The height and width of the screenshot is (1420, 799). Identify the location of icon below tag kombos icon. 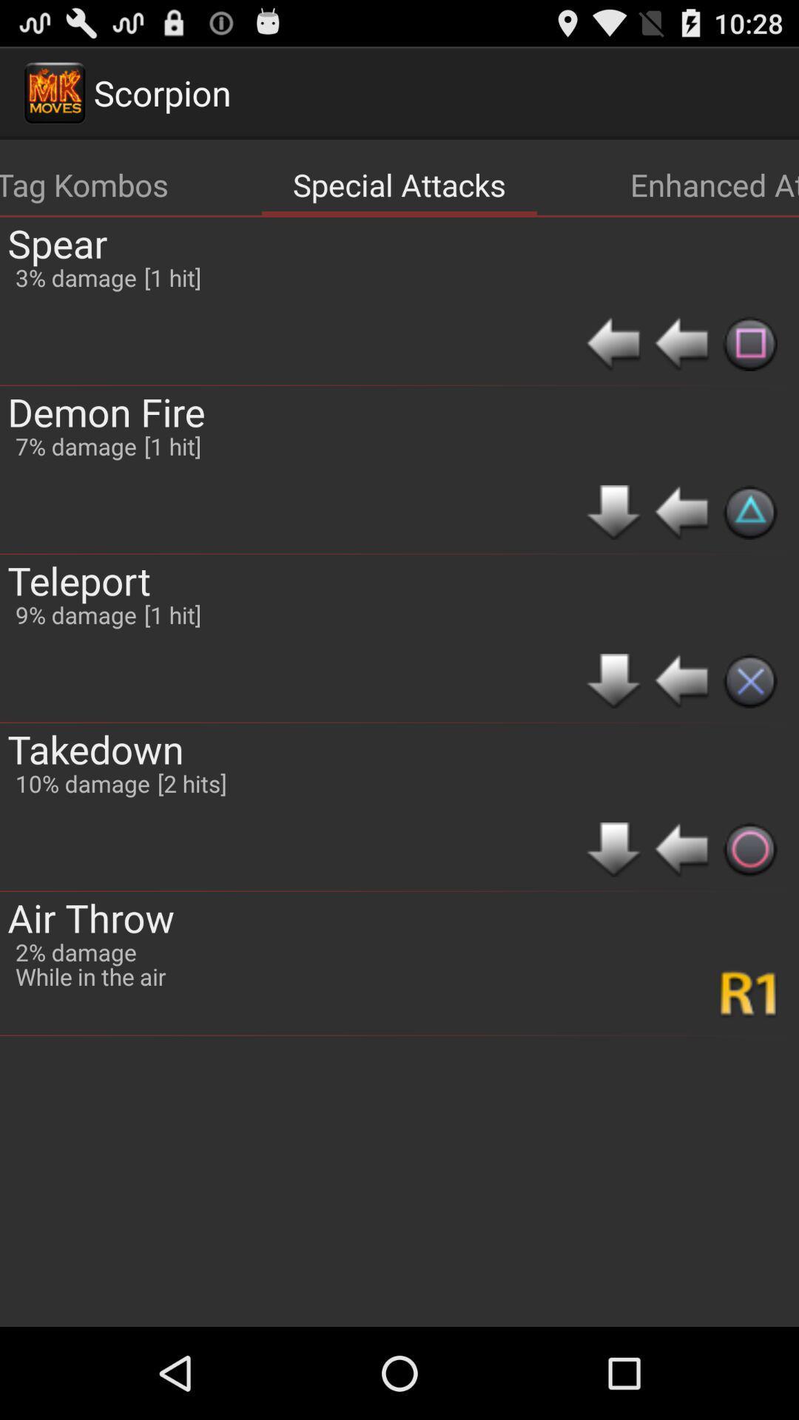
(56, 243).